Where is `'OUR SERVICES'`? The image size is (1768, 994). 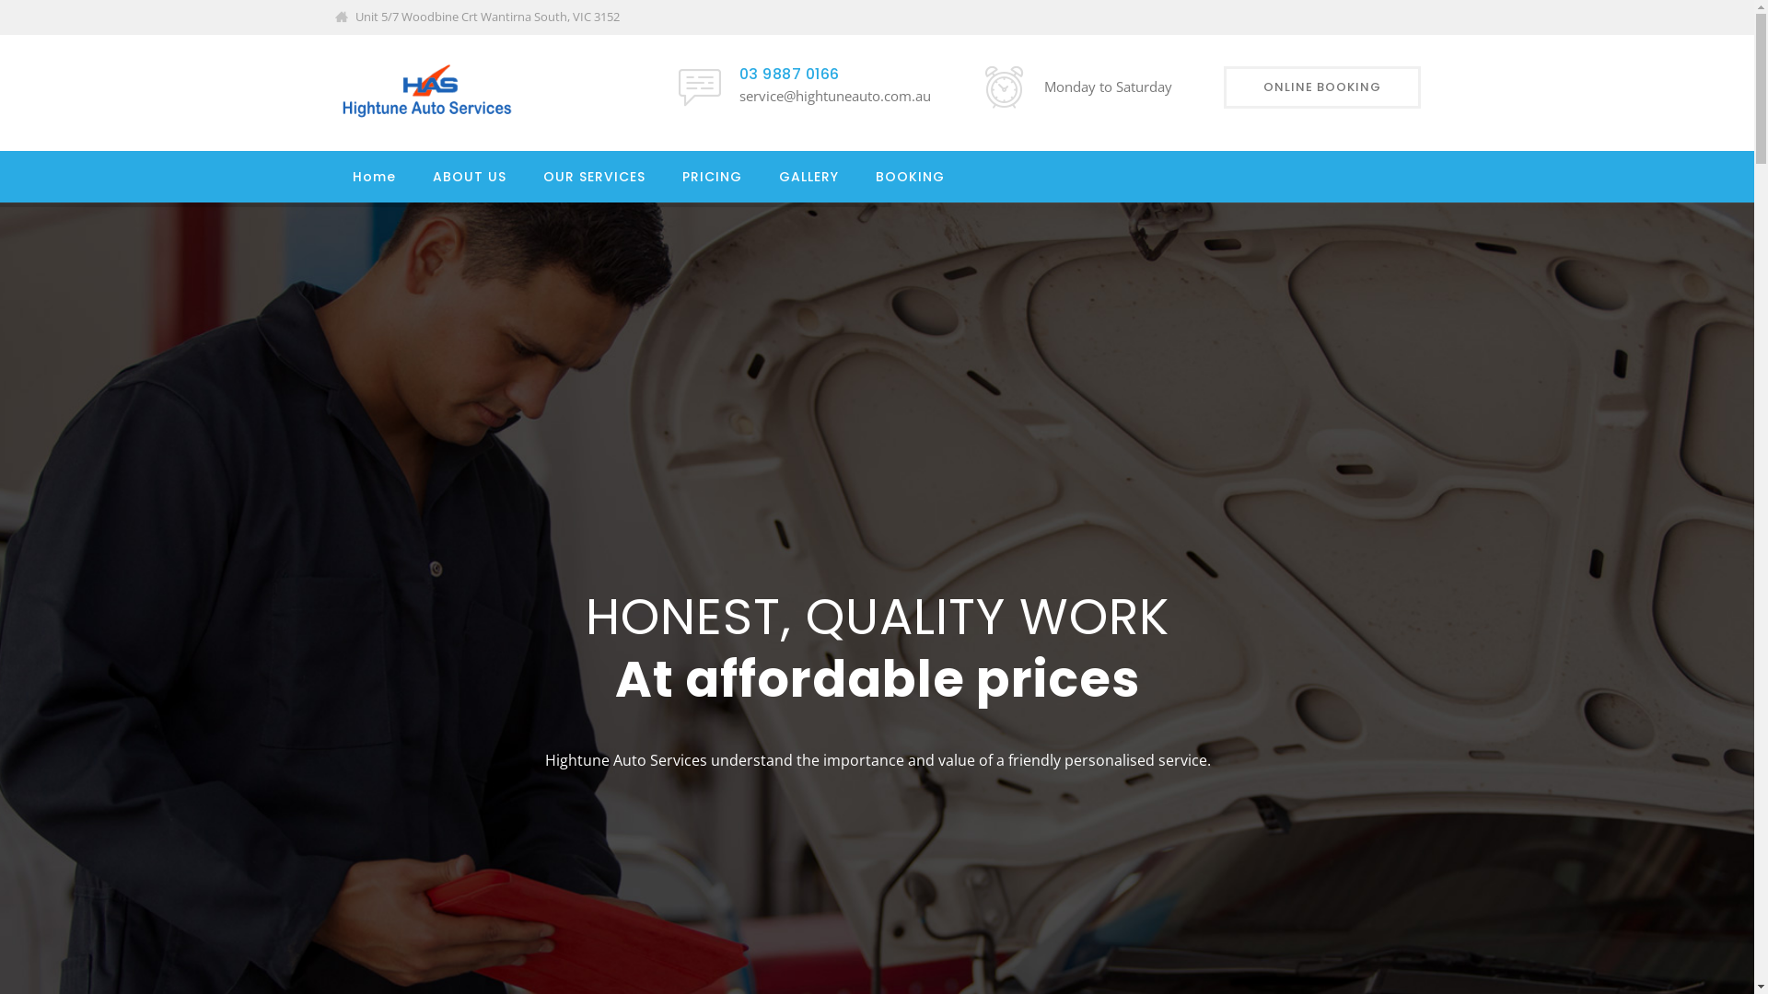 'OUR SERVICES' is located at coordinates (594, 177).